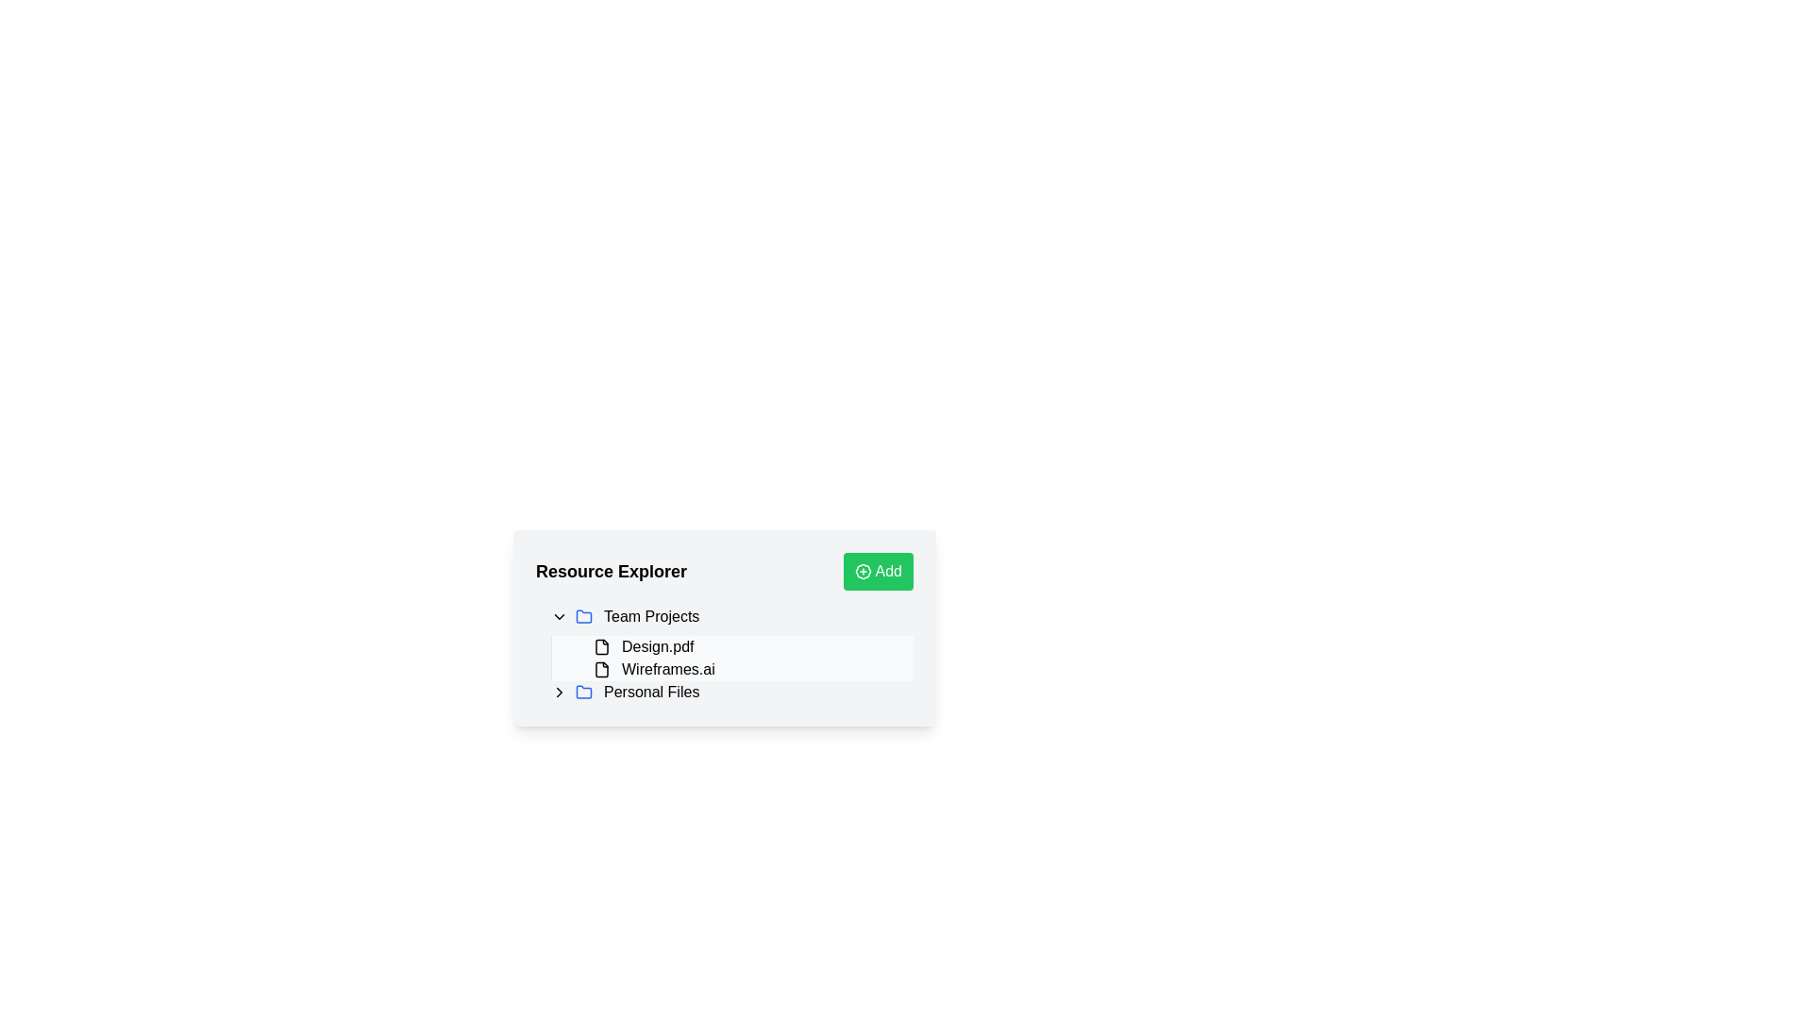 The width and height of the screenshot is (1812, 1019). Describe the element at coordinates (559, 692) in the screenshot. I see `the chevron icon next to the 'Personal Files' folder` at that location.